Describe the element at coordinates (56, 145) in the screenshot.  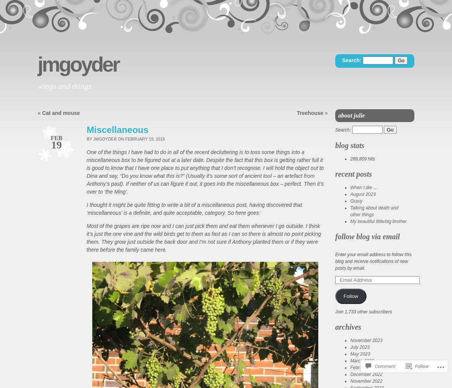
I see `'19'` at that location.